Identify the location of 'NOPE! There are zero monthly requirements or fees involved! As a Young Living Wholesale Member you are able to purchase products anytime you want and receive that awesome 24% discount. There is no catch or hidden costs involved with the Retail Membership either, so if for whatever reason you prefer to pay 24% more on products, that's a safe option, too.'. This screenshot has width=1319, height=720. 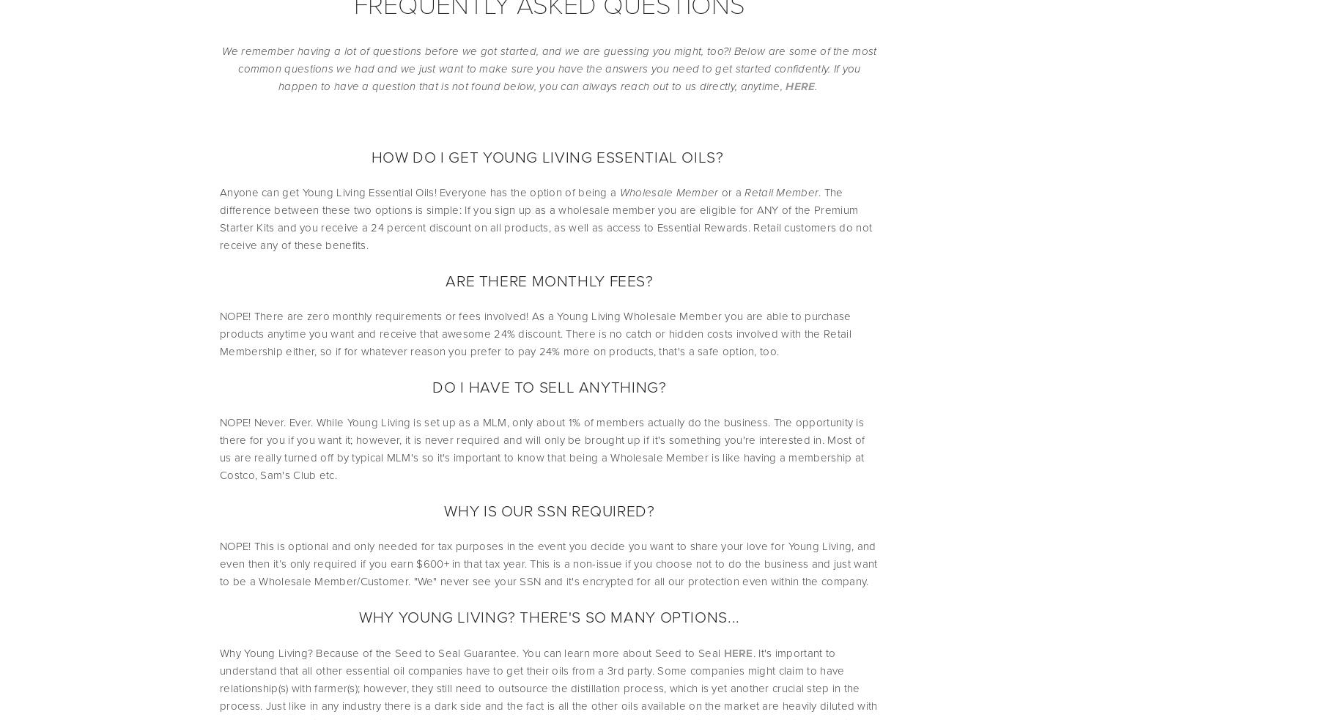
(536, 333).